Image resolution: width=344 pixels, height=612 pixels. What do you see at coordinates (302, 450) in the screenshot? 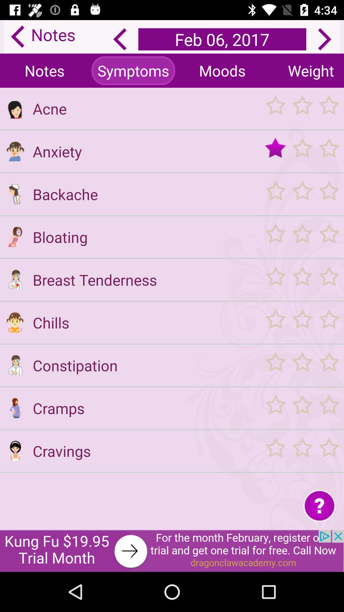
I see `rate cravings` at bounding box center [302, 450].